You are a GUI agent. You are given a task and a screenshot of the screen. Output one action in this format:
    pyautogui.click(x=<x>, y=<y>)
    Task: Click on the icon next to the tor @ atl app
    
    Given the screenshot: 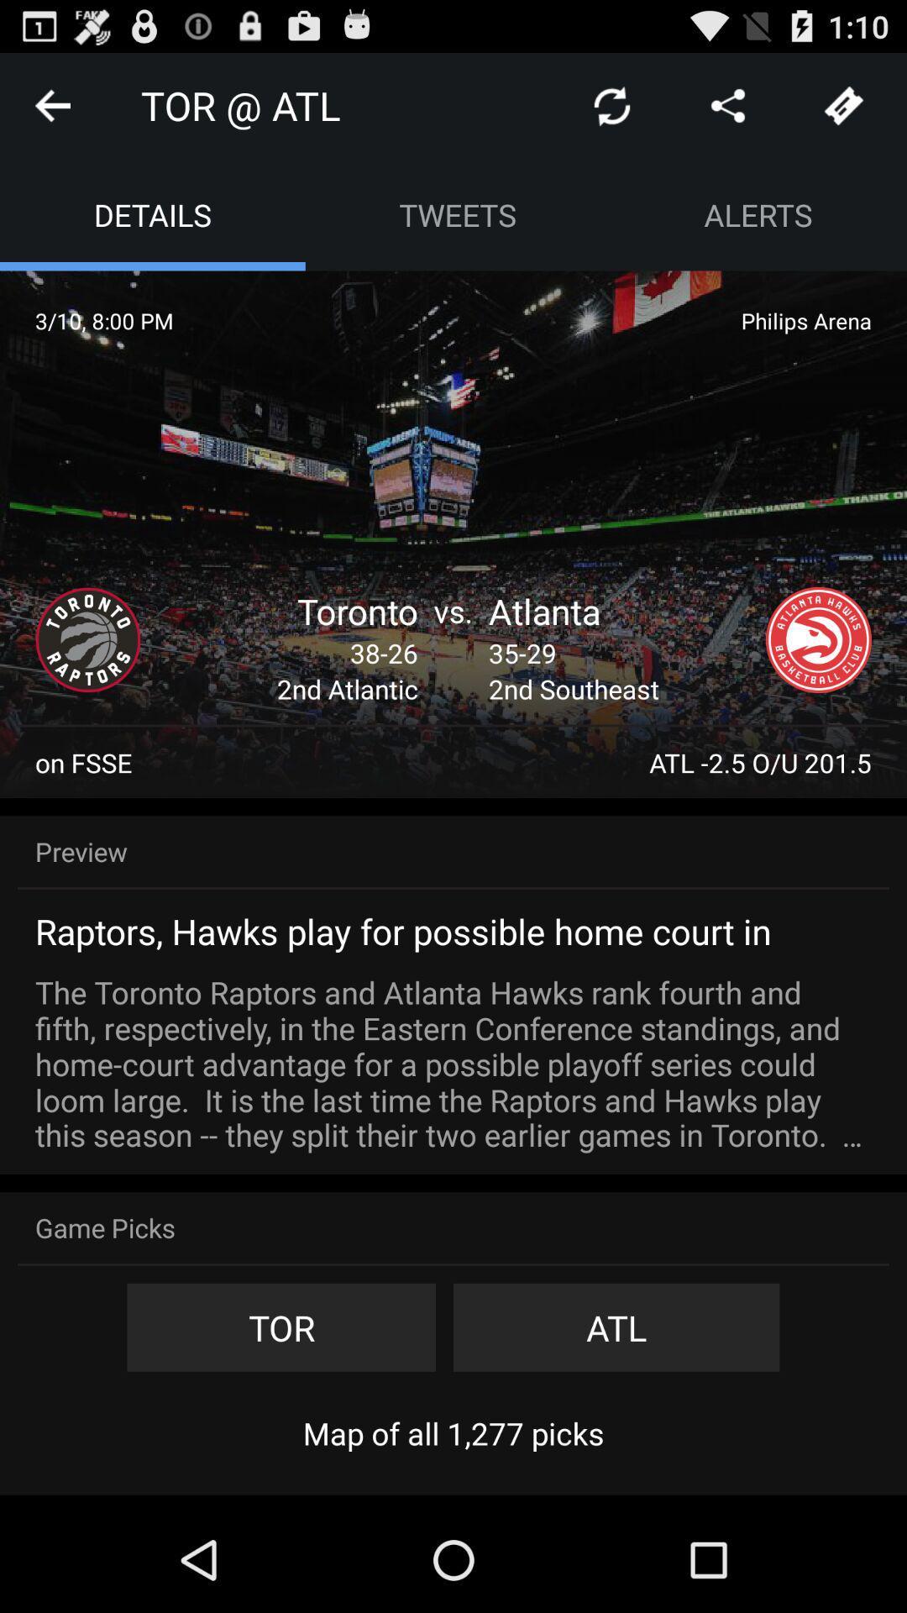 What is the action you would take?
    pyautogui.click(x=612, y=104)
    